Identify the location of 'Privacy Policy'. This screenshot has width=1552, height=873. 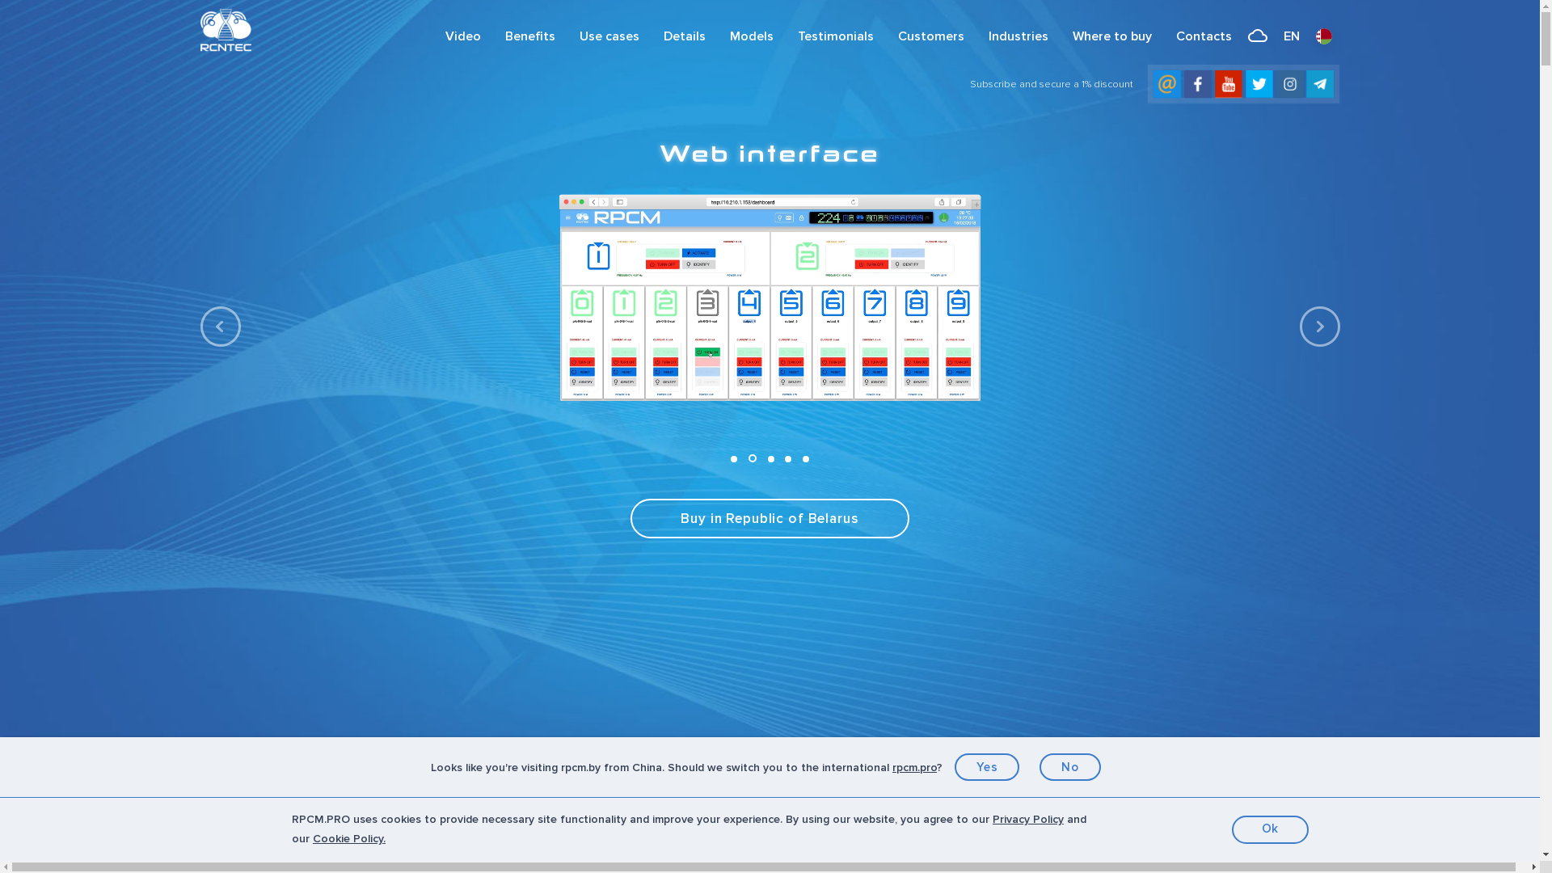
(992, 819).